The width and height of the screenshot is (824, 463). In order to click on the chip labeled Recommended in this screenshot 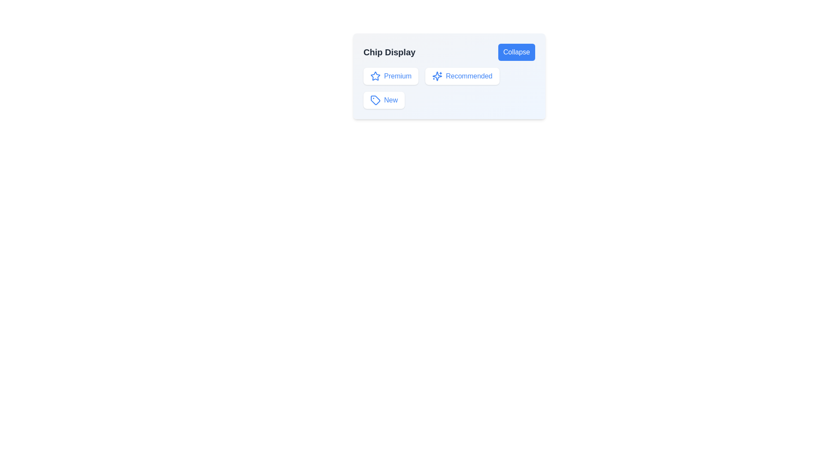, I will do `click(461, 75)`.